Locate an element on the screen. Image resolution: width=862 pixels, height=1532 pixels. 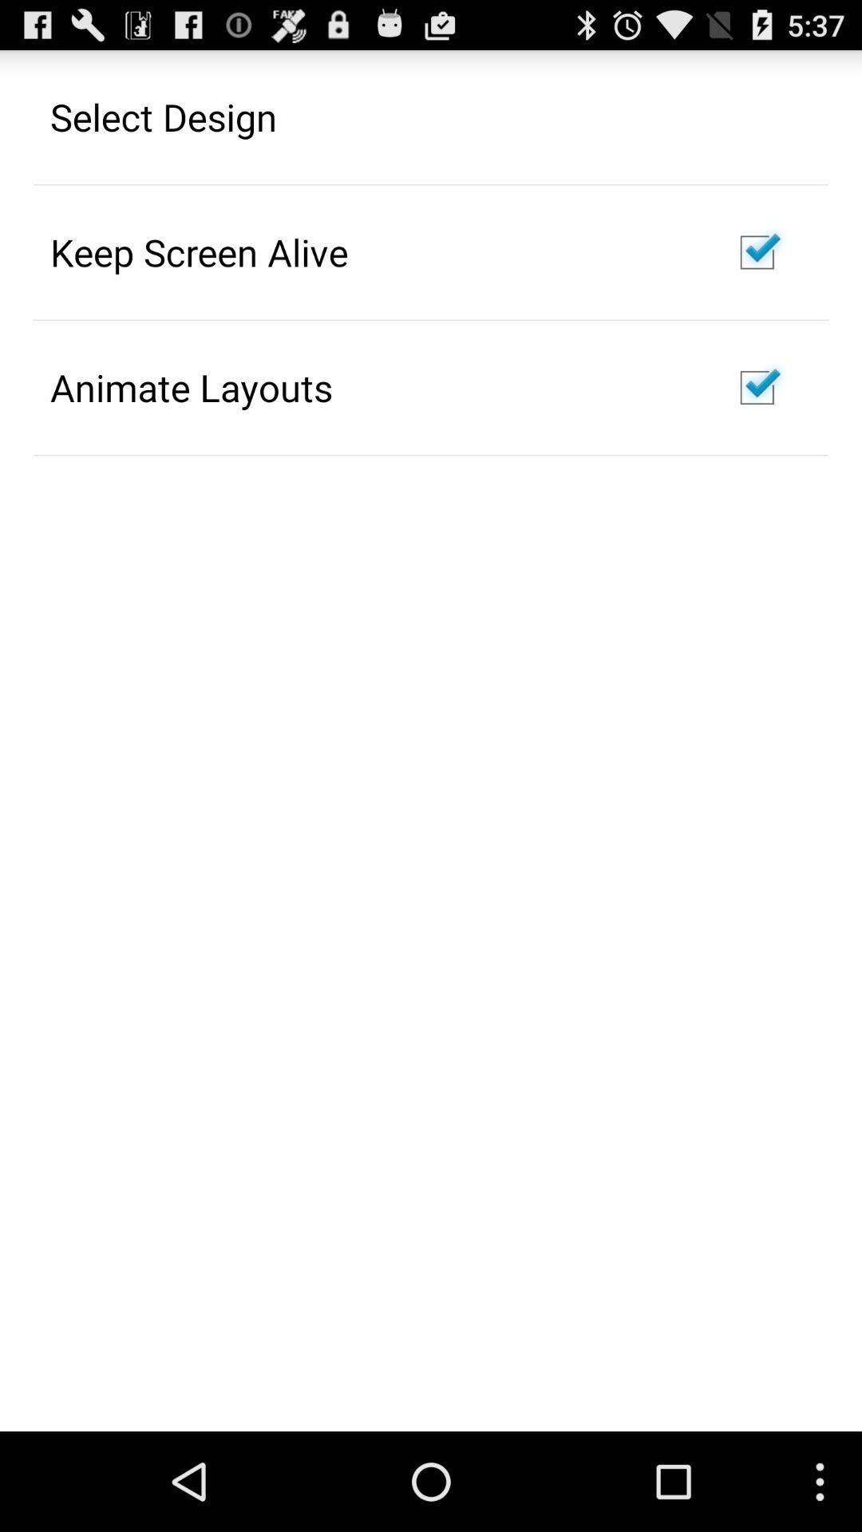
select design app is located at coordinates (164, 116).